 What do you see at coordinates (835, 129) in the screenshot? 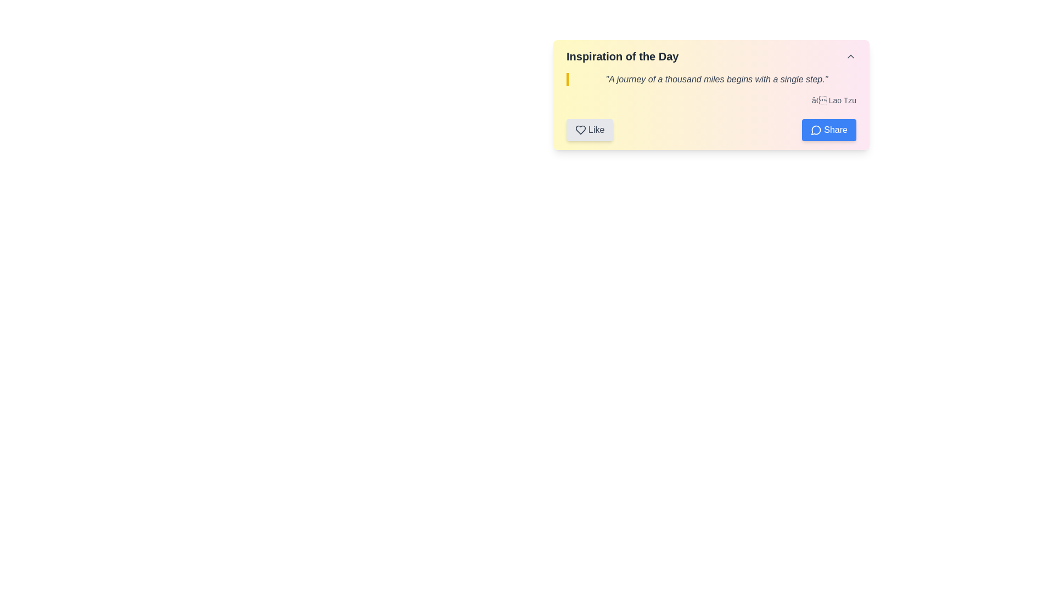
I see `the 'Share' text label, which is displayed in white font against a blue rectangular background` at bounding box center [835, 129].